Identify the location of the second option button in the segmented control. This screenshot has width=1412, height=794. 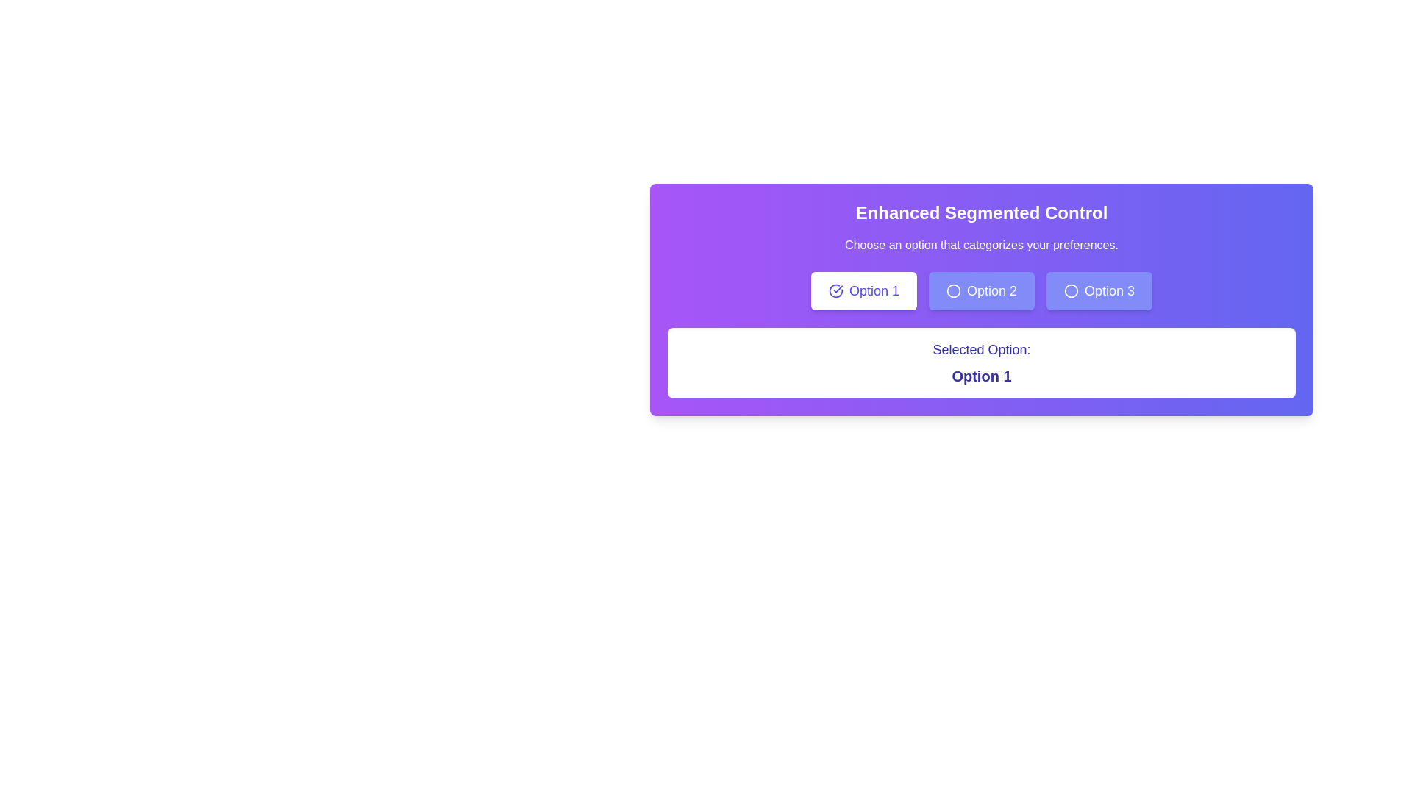
(981, 291).